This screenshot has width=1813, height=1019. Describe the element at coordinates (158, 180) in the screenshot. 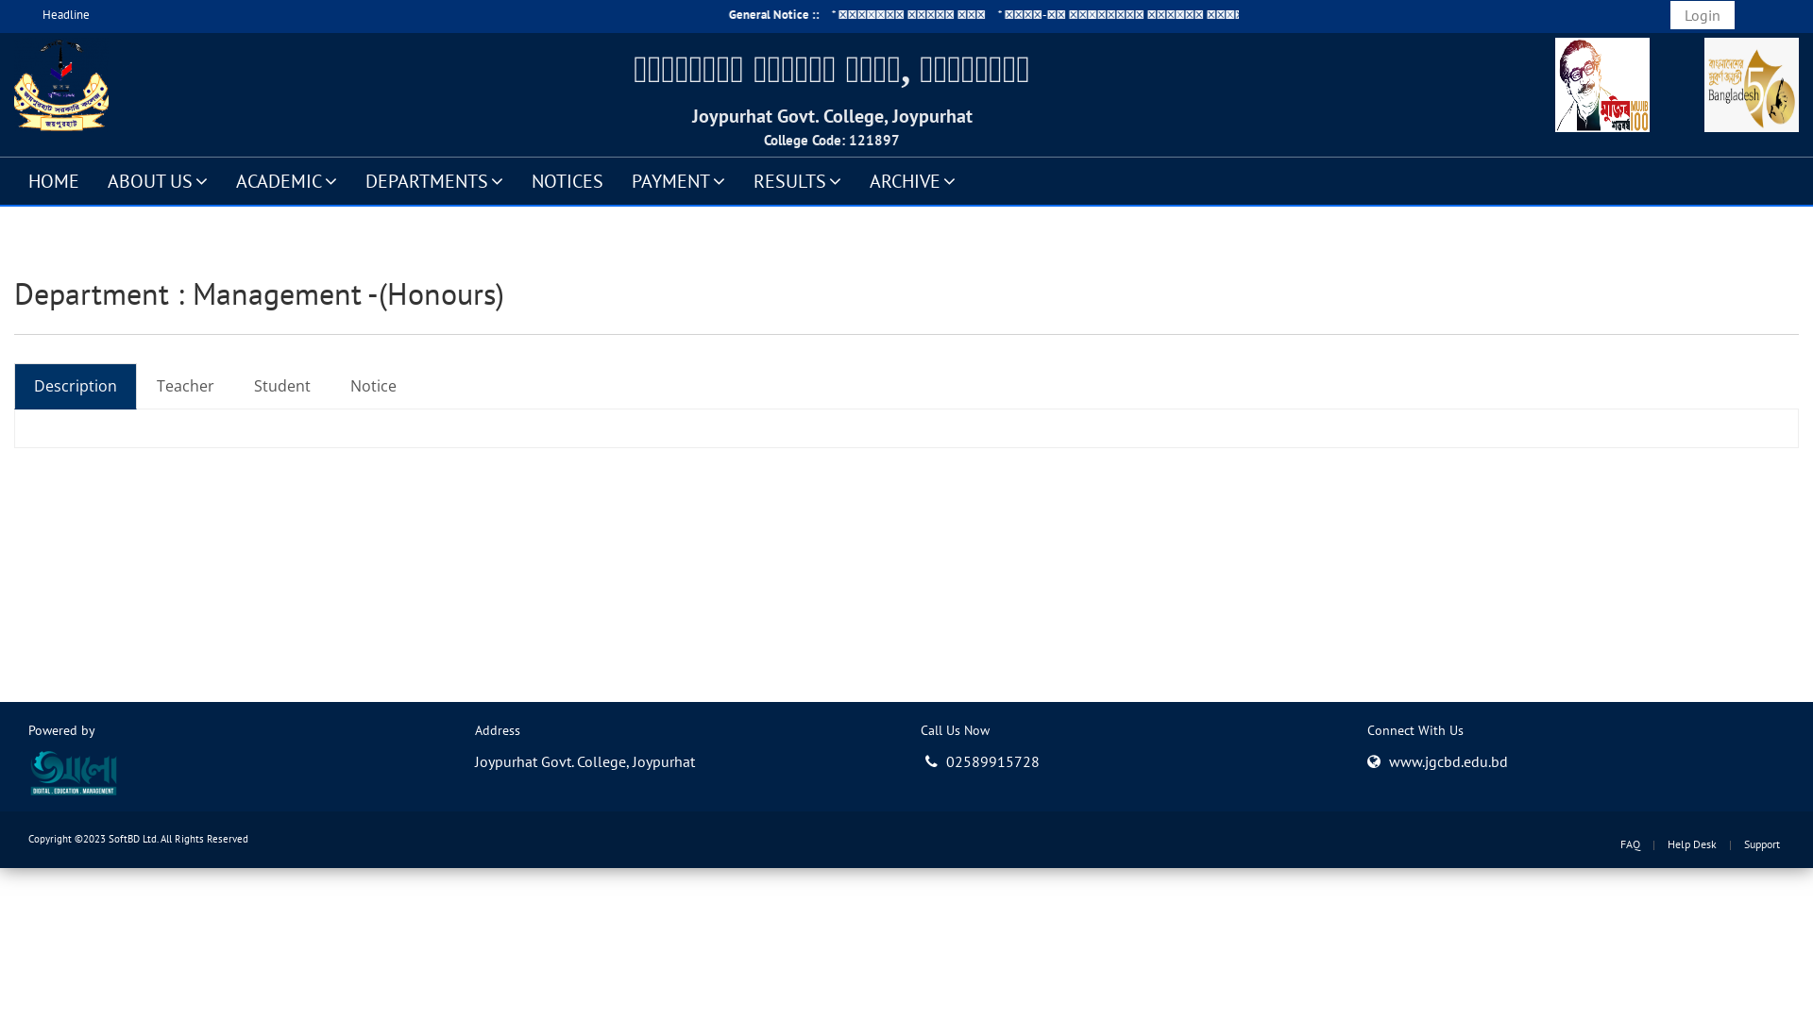

I see `'ABOUT US'` at that location.